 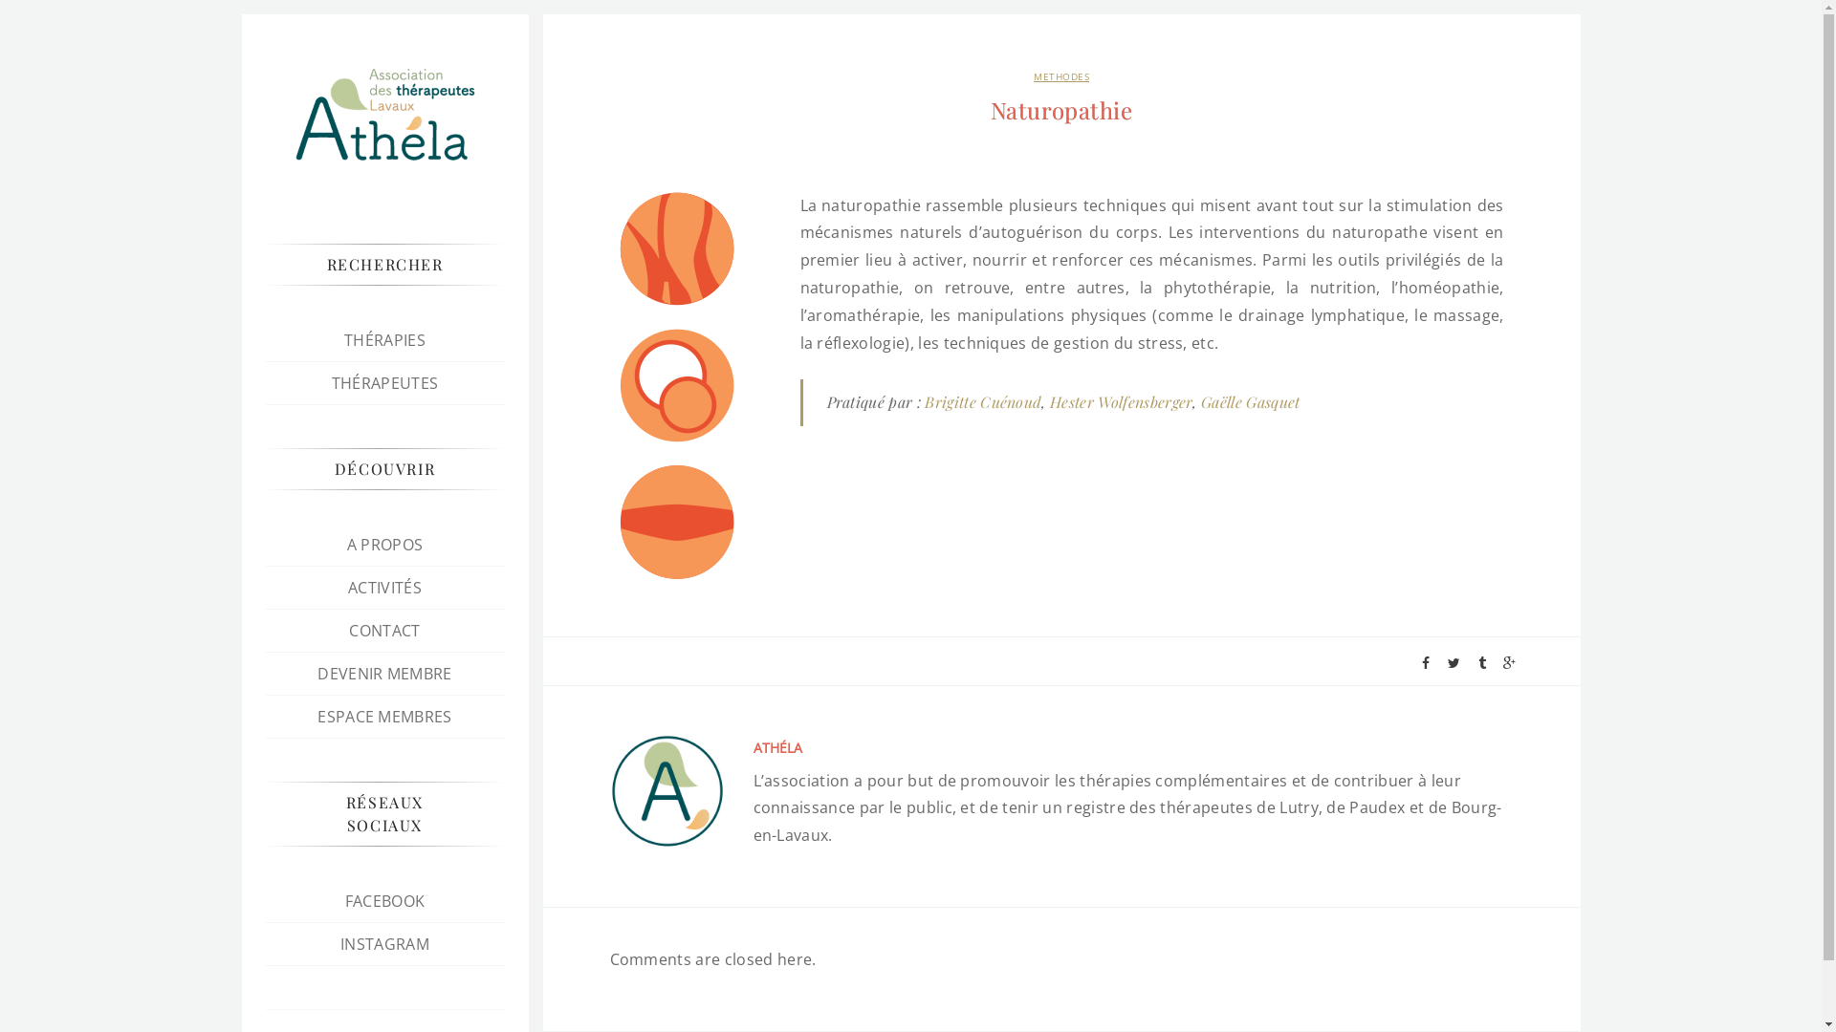 I want to click on 'ESPACE MEMBRES', so click(x=383, y=716).